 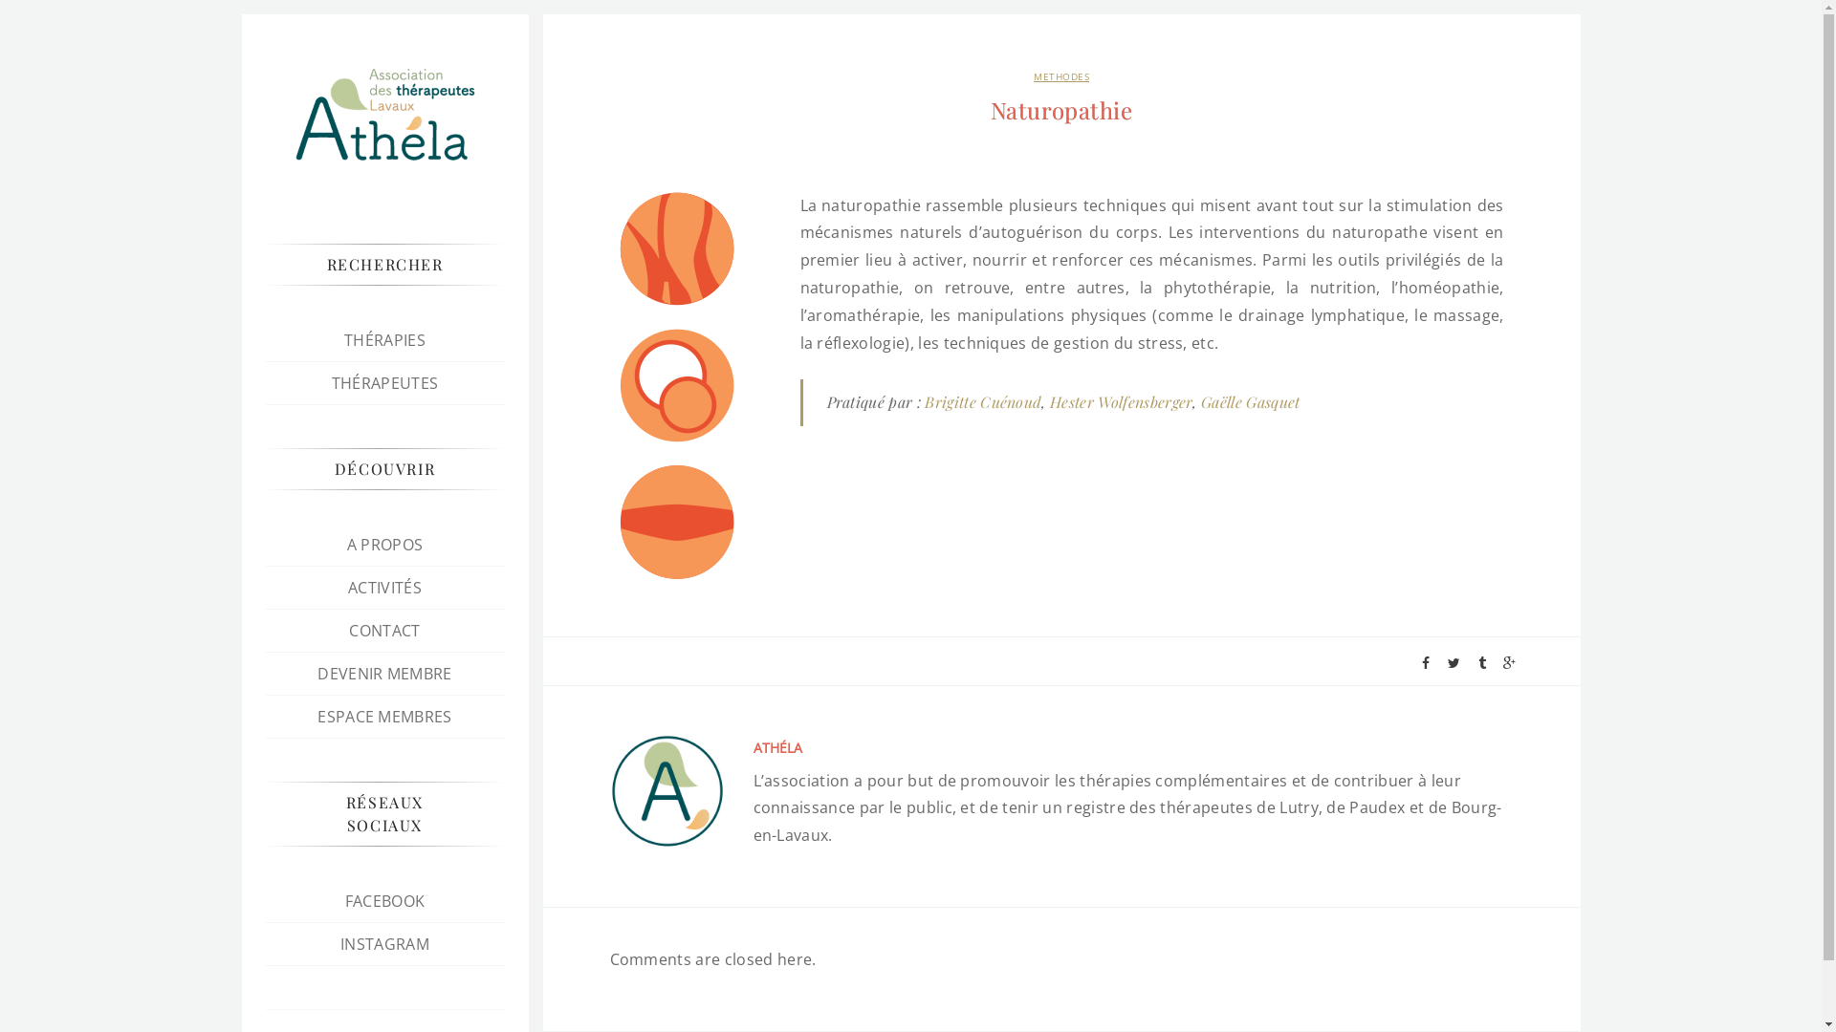 I want to click on 'ESPACE MEMBRES', so click(x=383, y=716).